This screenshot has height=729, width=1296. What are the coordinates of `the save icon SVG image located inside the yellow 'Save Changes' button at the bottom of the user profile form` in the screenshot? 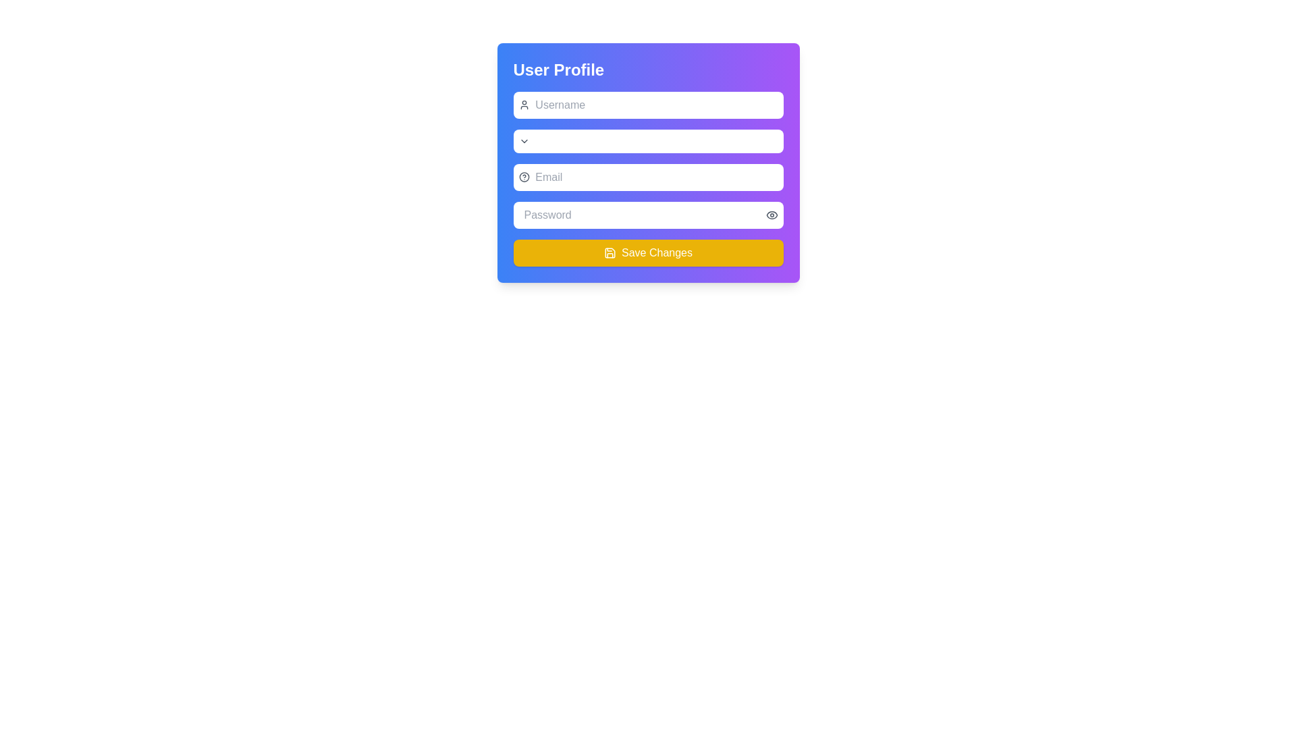 It's located at (609, 252).